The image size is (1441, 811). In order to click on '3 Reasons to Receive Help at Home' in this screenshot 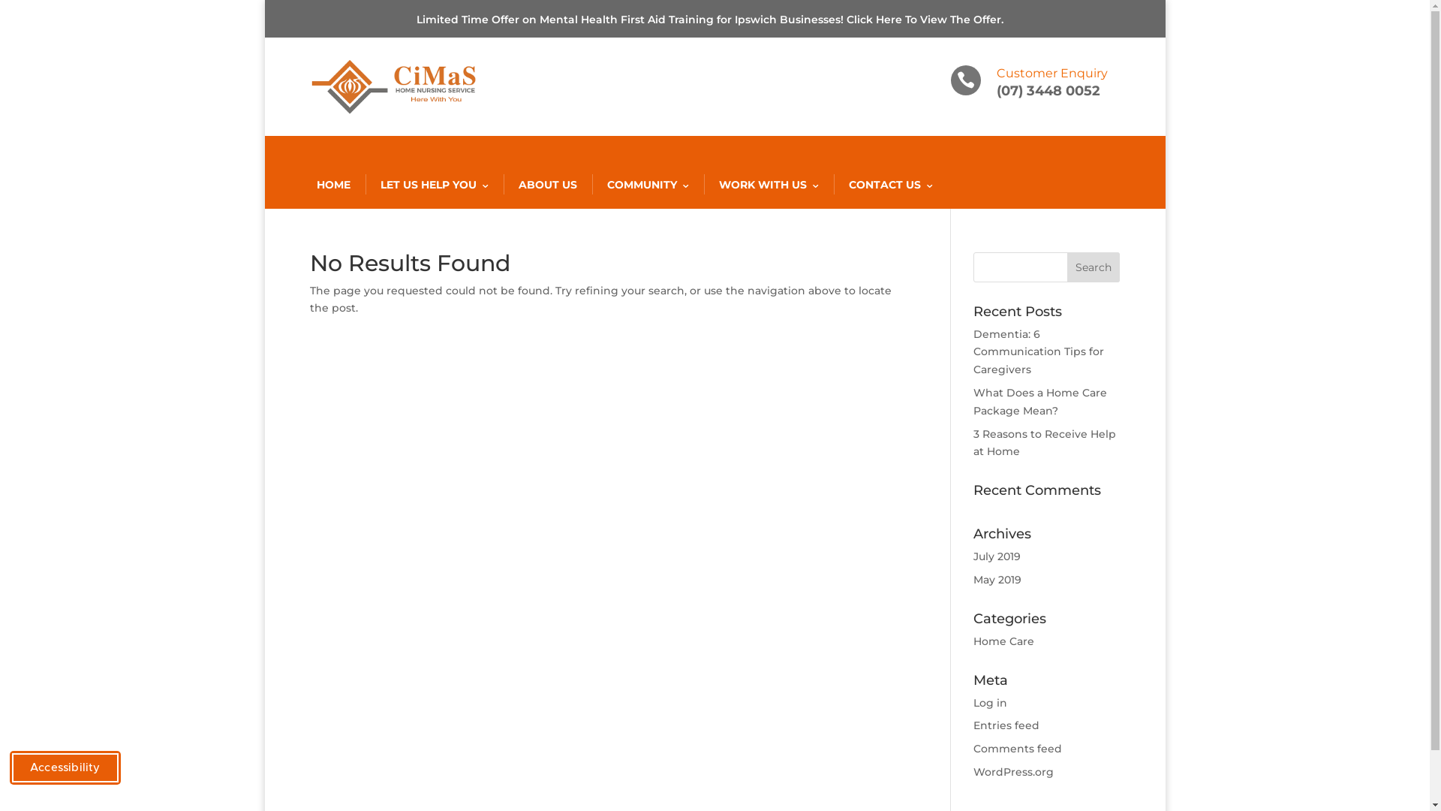, I will do `click(973, 442)`.